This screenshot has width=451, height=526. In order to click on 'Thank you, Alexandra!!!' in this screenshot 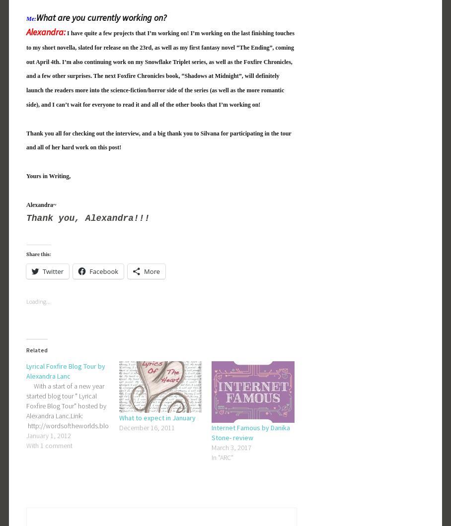, I will do `click(87, 218)`.